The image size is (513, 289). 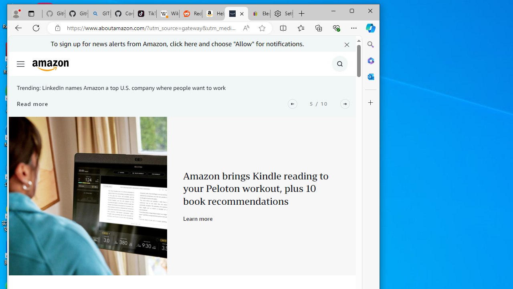 I want to click on 'Peloton x Kindle', so click(x=88, y=196).